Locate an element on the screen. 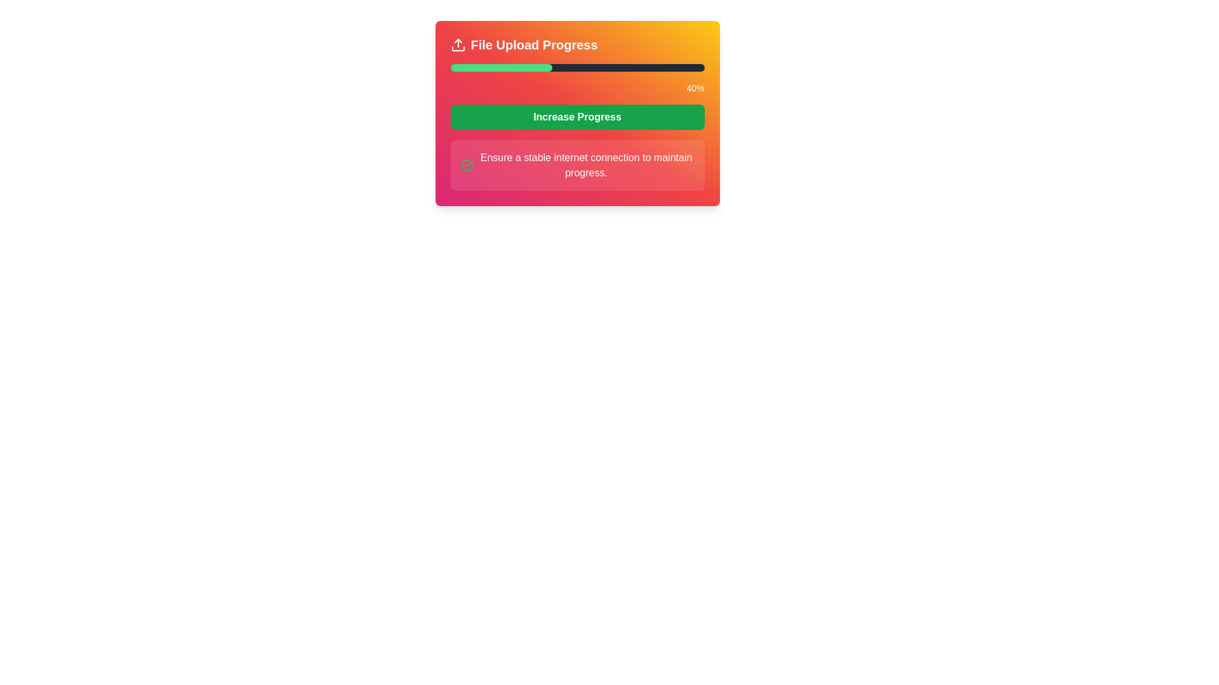  the progress bar that indicates the completion percentage of a file upload task, located below the title 'File Upload Progress' is located at coordinates (576, 68).